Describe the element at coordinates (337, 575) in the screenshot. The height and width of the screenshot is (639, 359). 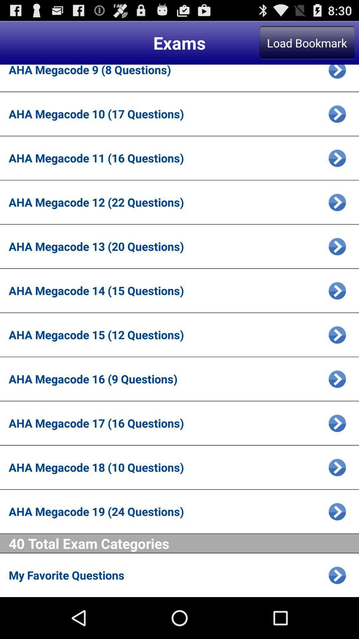
I see `the blue icon in last line` at that location.